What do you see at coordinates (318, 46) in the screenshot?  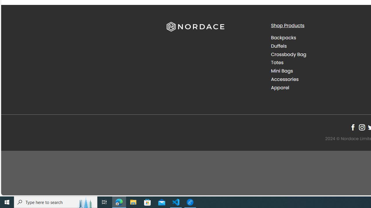 I see `'Duffels'` at bounding box center [318, 46].